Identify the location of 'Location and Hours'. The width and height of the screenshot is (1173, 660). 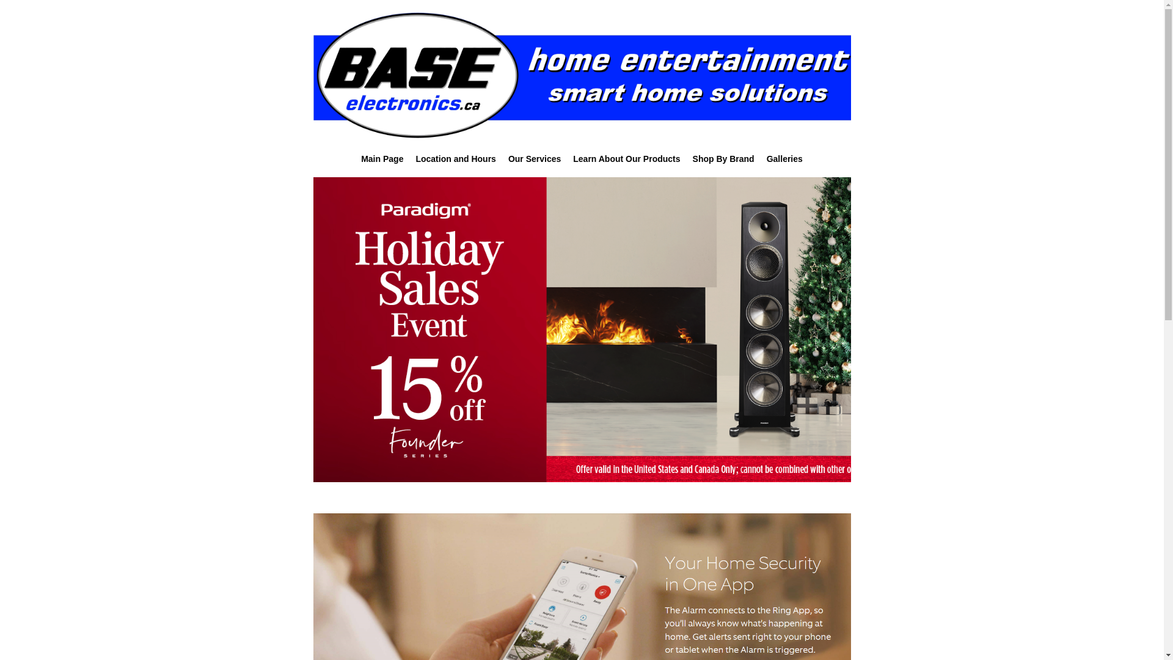
(455, 159).